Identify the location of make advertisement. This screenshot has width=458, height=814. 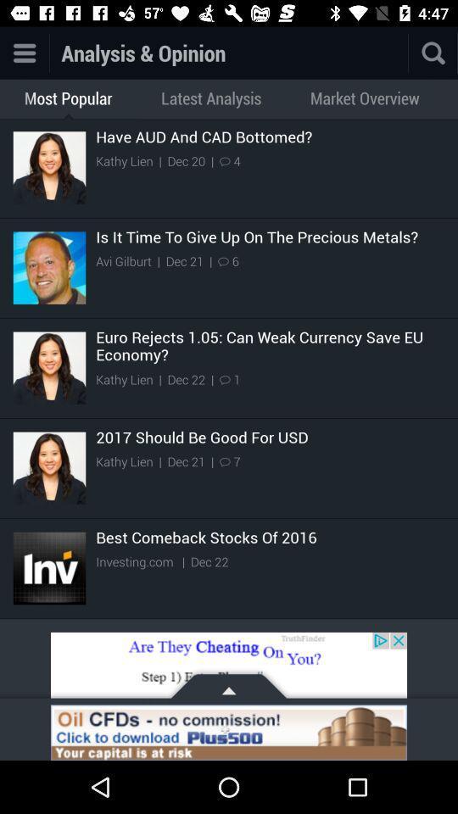
(229, 668).